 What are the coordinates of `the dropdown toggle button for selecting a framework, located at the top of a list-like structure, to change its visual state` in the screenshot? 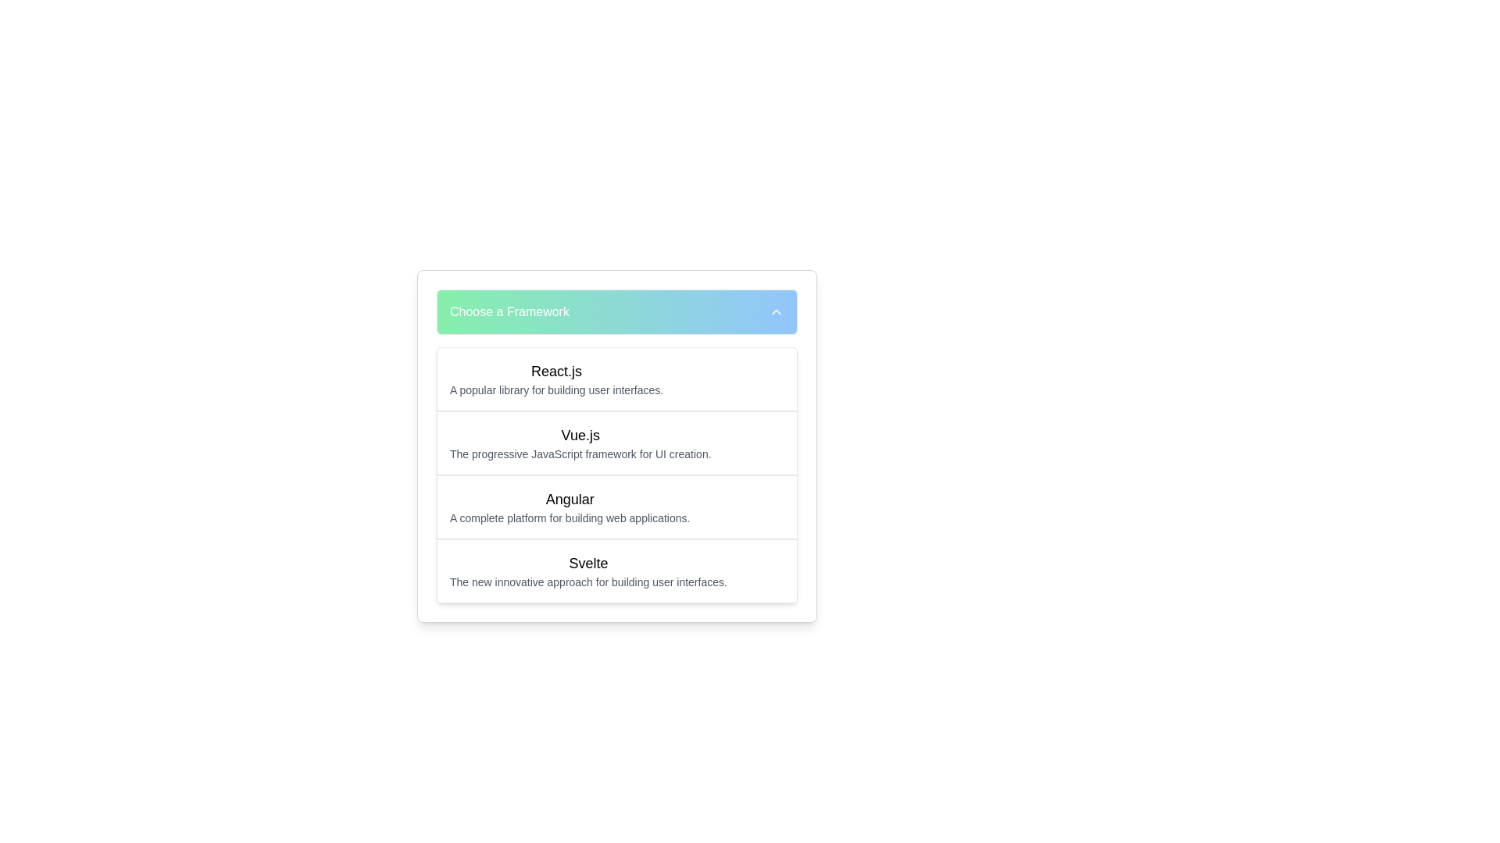 It's located at (616, 312).